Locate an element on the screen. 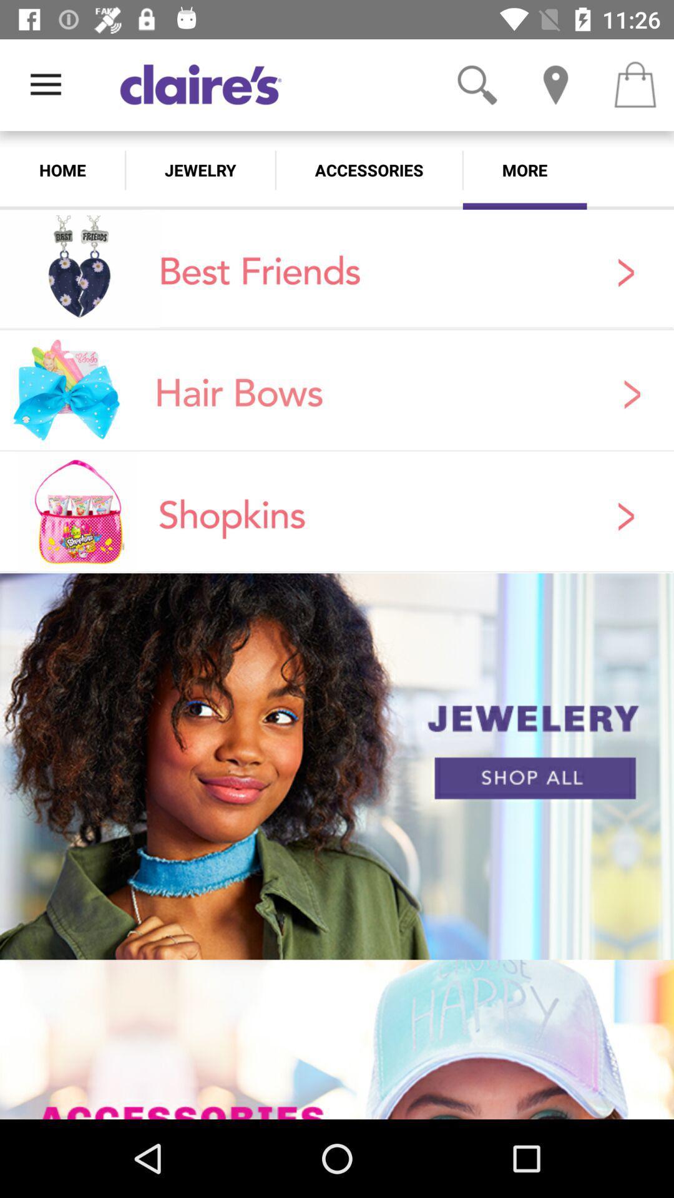  jewelry icon is located at coordinates (200, 170).